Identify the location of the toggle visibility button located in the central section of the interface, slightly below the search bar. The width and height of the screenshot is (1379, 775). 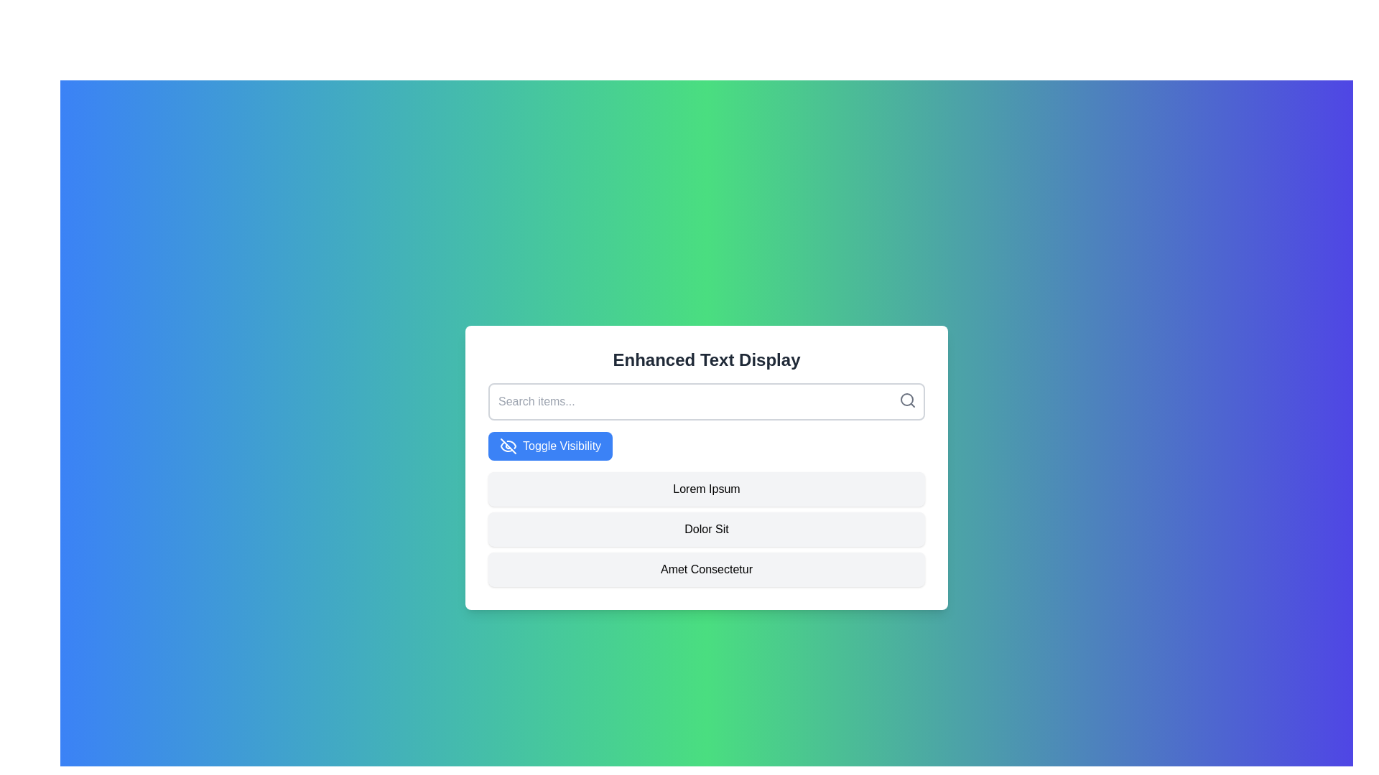
(549, 445).